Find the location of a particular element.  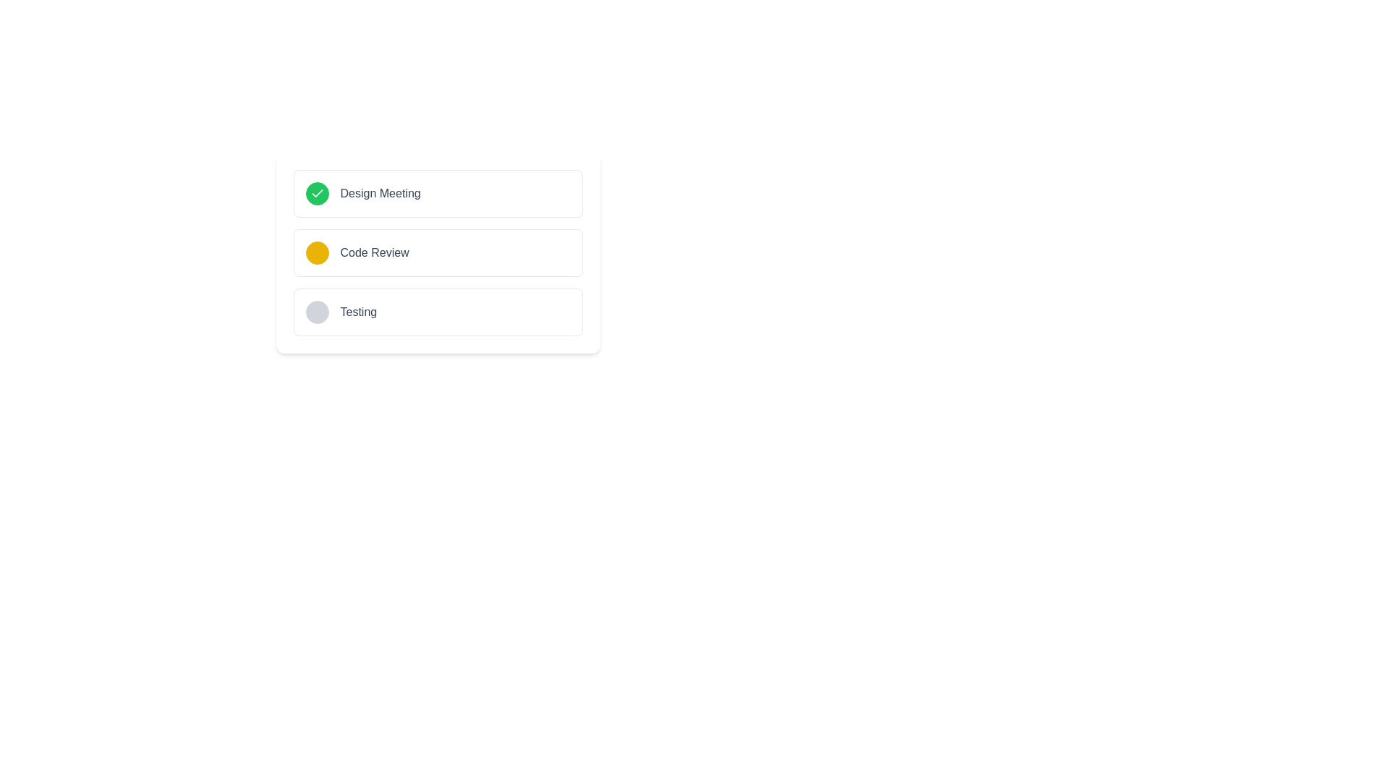

the selectable card labeled 'Testing' at the bottom of the list is located at coordinates (437, 312).